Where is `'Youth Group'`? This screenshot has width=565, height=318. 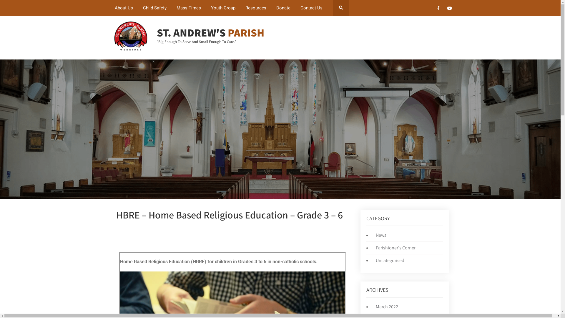
'Youth Group' is located at coordinates (206, 8).